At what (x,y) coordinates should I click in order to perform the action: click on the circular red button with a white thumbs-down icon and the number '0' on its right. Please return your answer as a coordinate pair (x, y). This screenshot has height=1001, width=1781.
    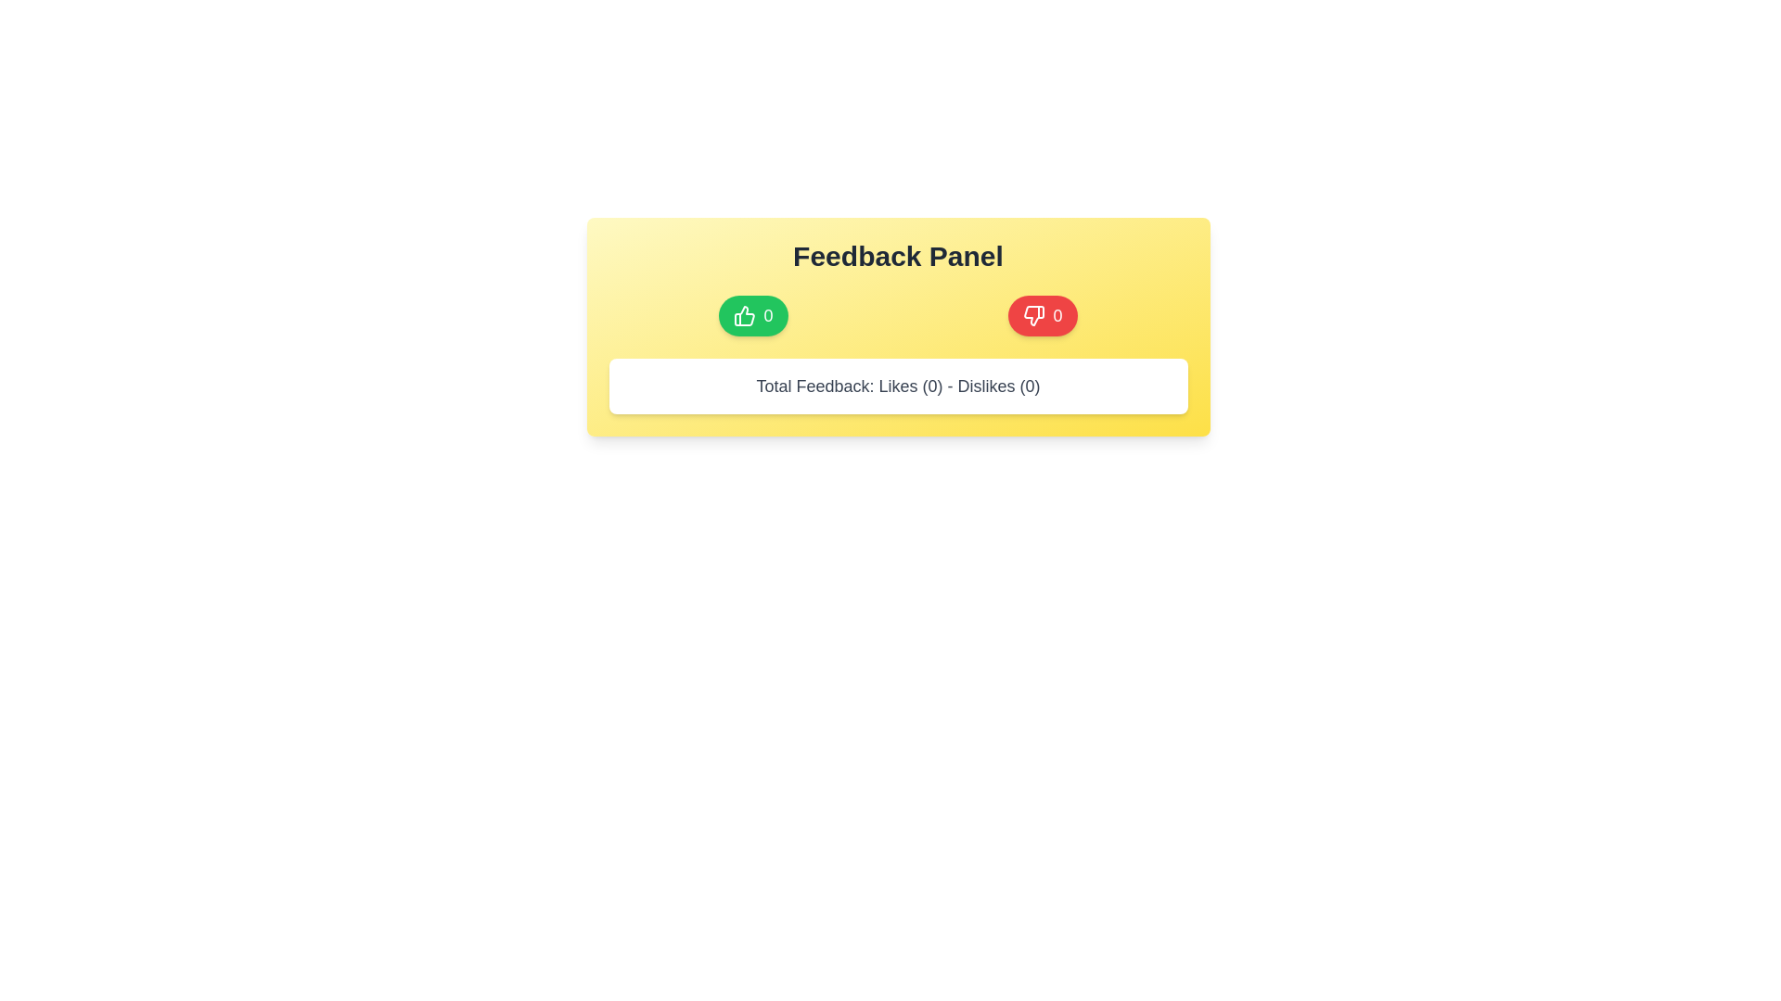
    Looking at the image, I should click on (1043, 314).